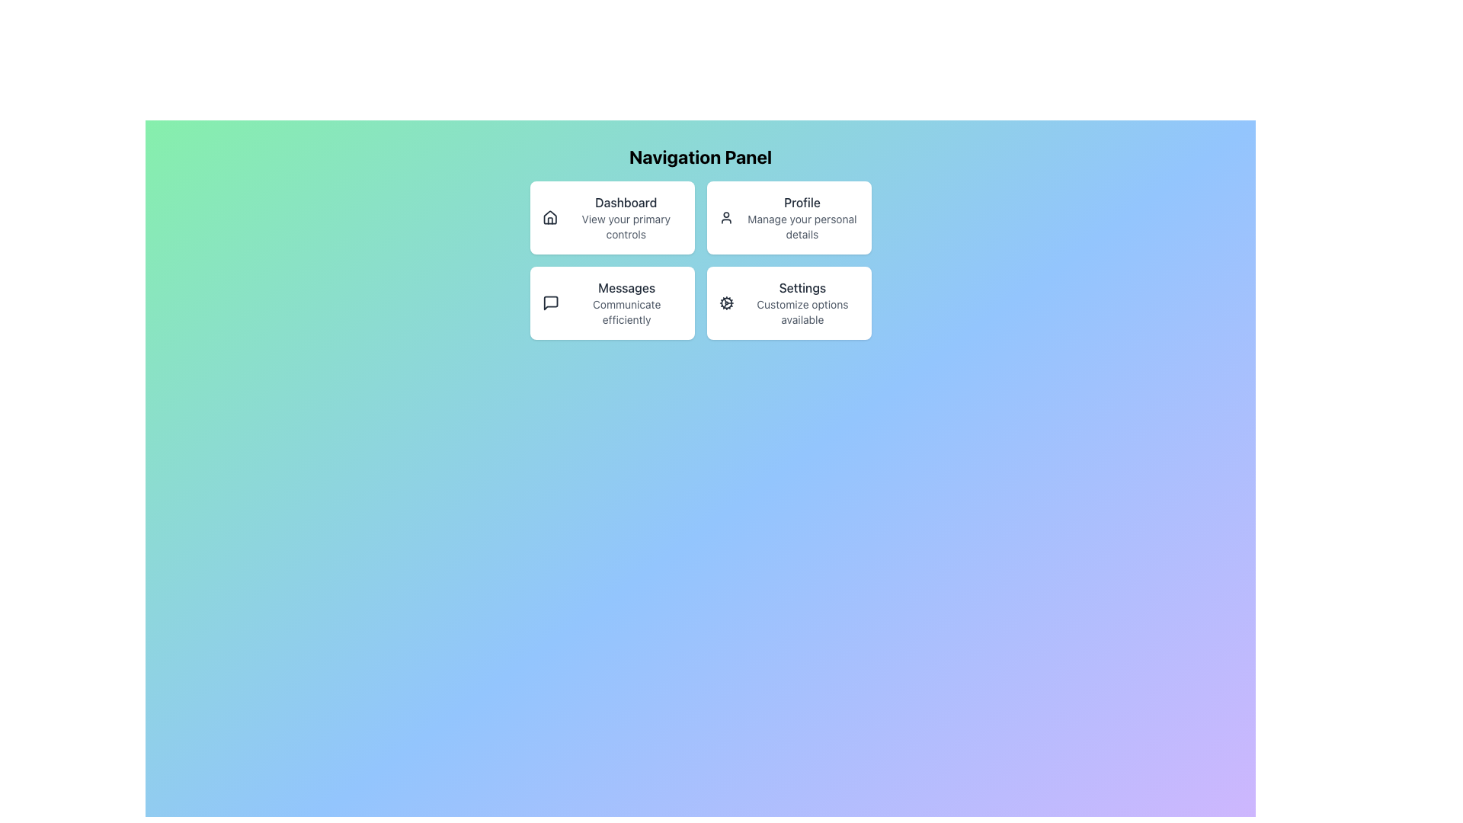 This screenshot has width=1463, height=823. Describe the element at coordinates (549, 217) in the screenshot. I see `the second icon in the 'Dashboard' navigation grid that represents the 'Dashboard' concept` at that location.